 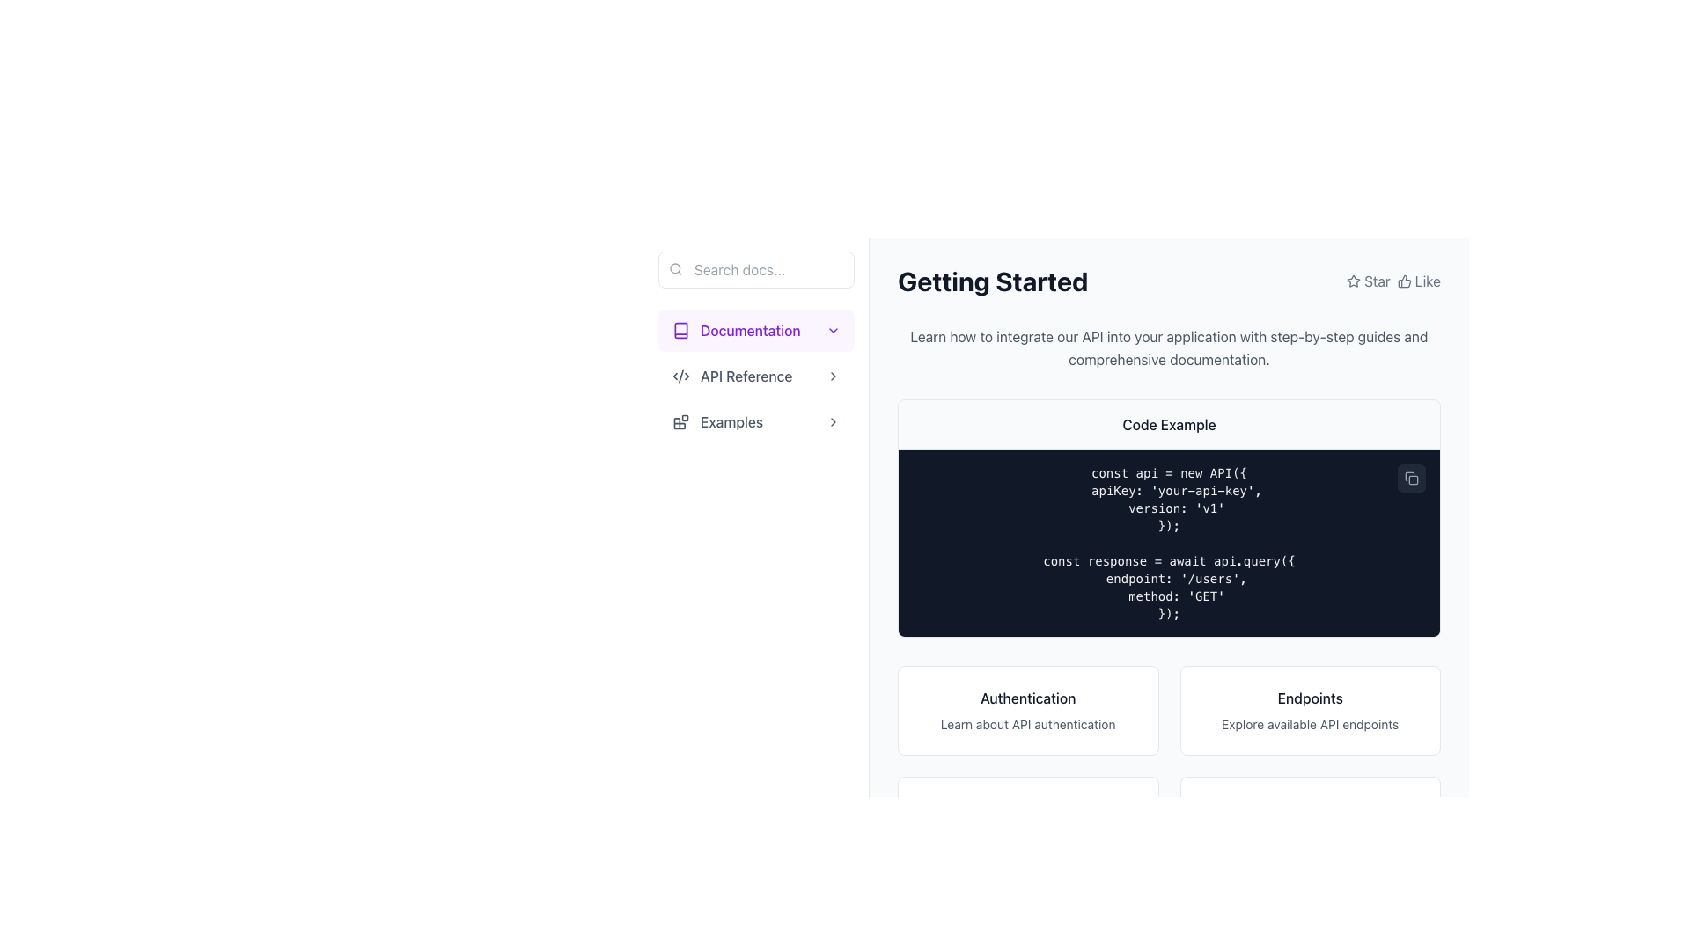 What do you see at coordinates (1169, 424) in the screenshot?
I see `the title text label that indicates the content below it pertains to a code example, located at the center of the bordered section with a light gray background` at bounding box center [1169, 424].